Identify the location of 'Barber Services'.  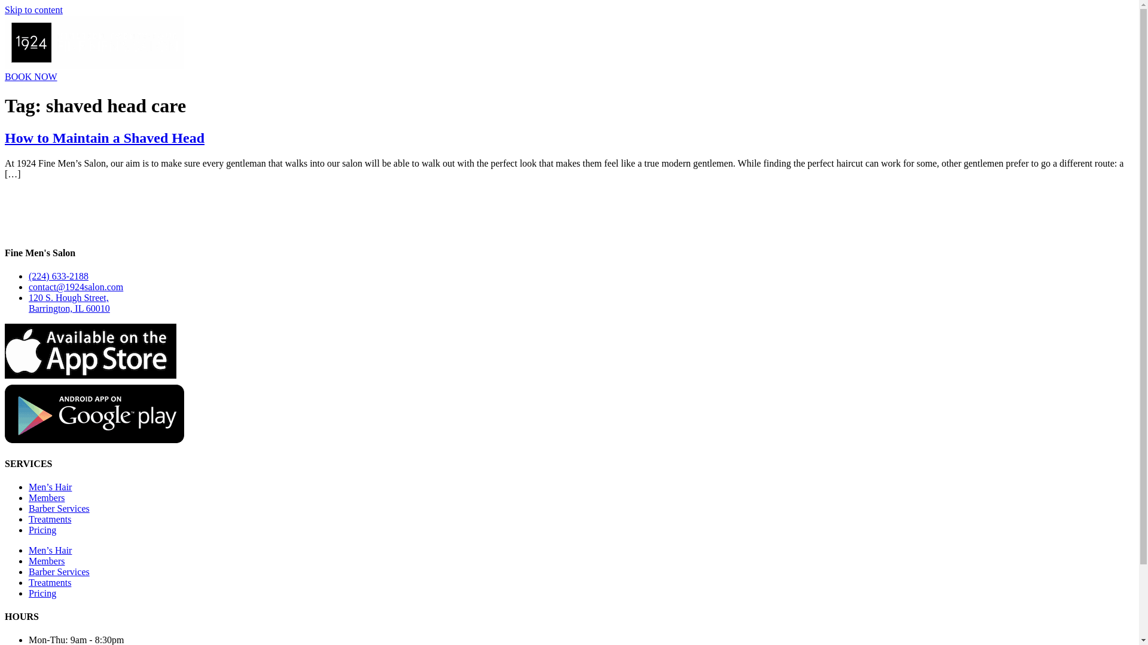
(59, 508).